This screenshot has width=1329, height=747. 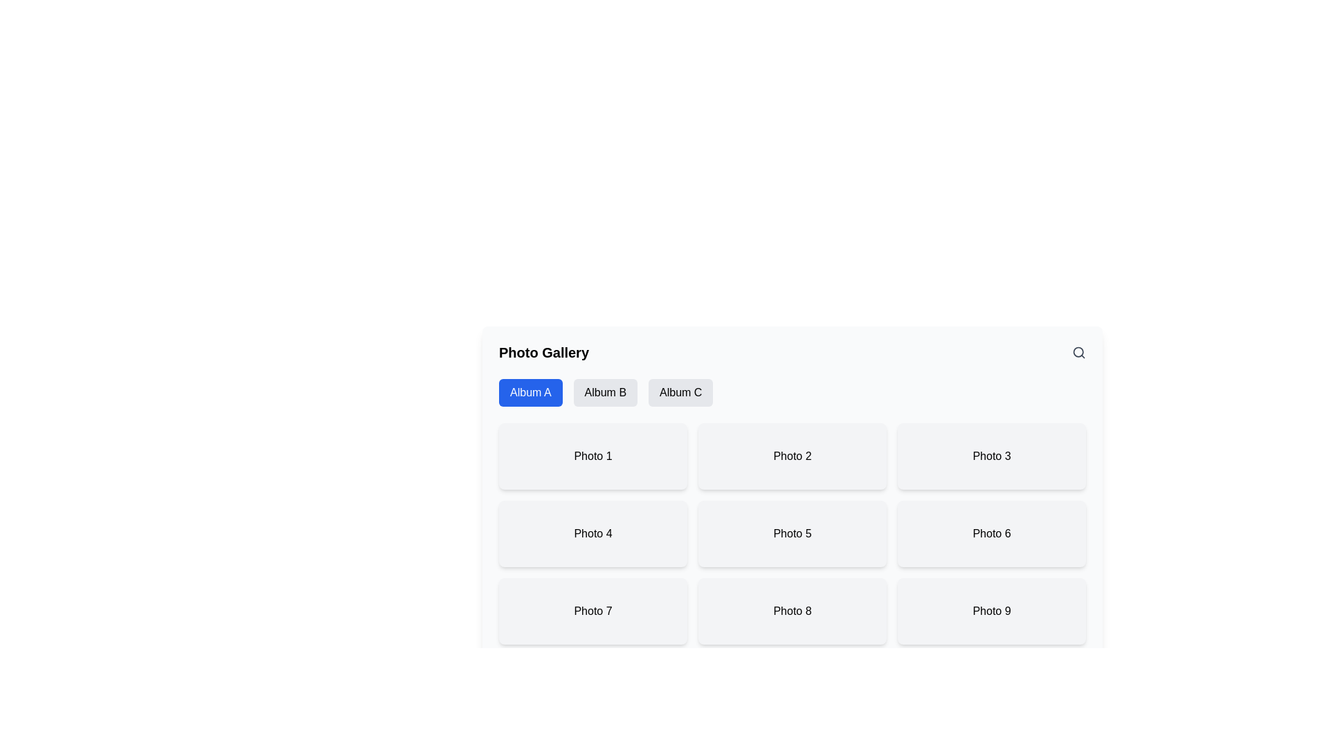 I want to click on the 'Photo 9' button-like card in the grid, so click(x=991, y=610).